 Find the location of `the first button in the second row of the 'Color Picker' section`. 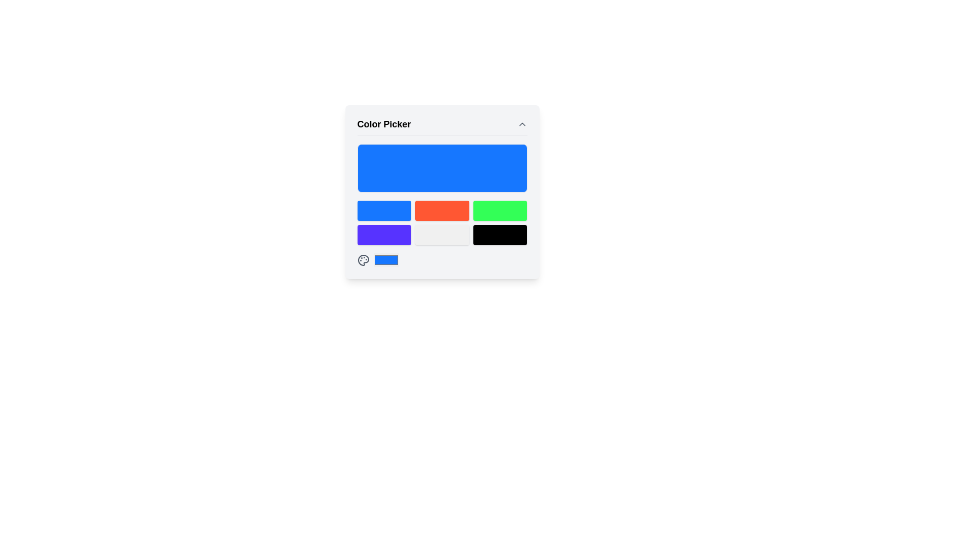

the first button in the second row of the 'Color Picker' section is located at coordinates (383, 235).